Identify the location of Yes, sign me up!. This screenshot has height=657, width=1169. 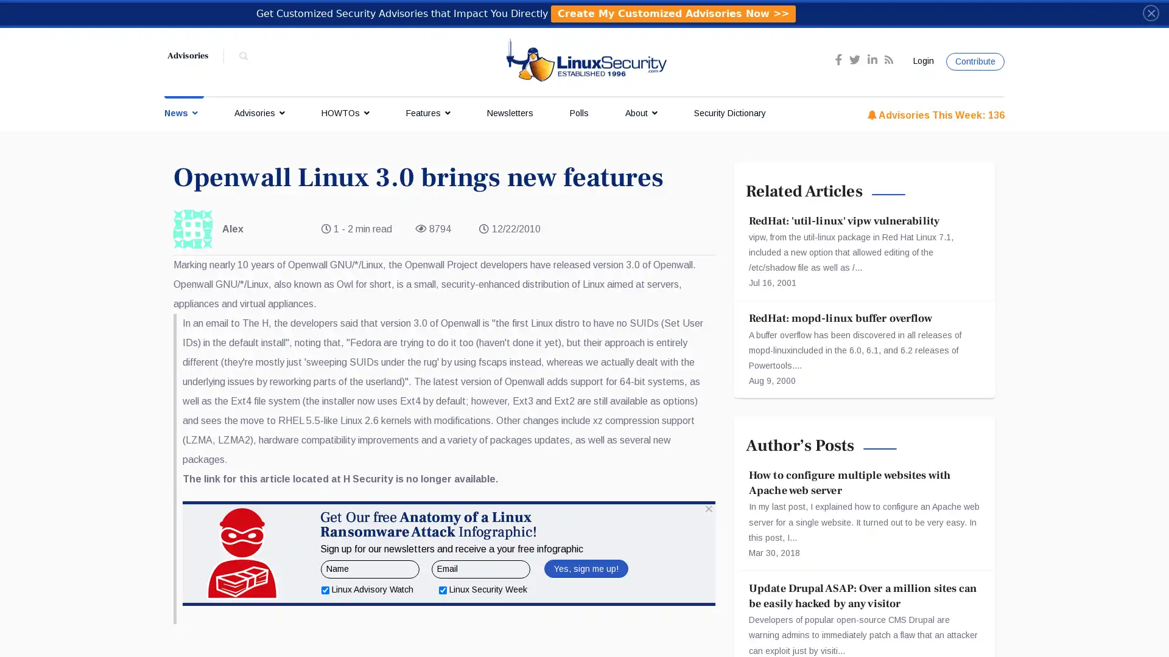
(585, 628).